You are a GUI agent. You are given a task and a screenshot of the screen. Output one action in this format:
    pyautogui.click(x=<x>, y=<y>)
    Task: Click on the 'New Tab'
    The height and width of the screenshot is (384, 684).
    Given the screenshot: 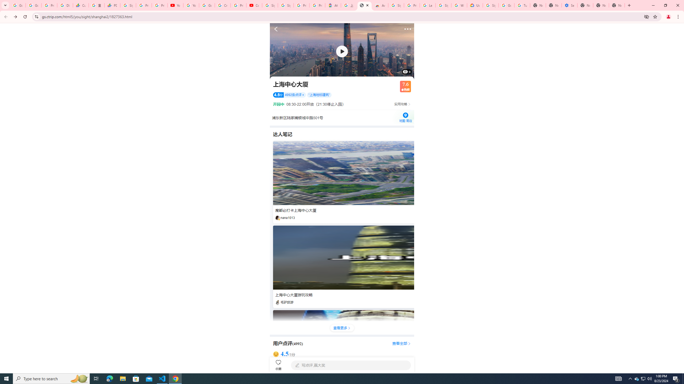 What is the action you would take?
    pyautogui.click(x=585, y=5)
    